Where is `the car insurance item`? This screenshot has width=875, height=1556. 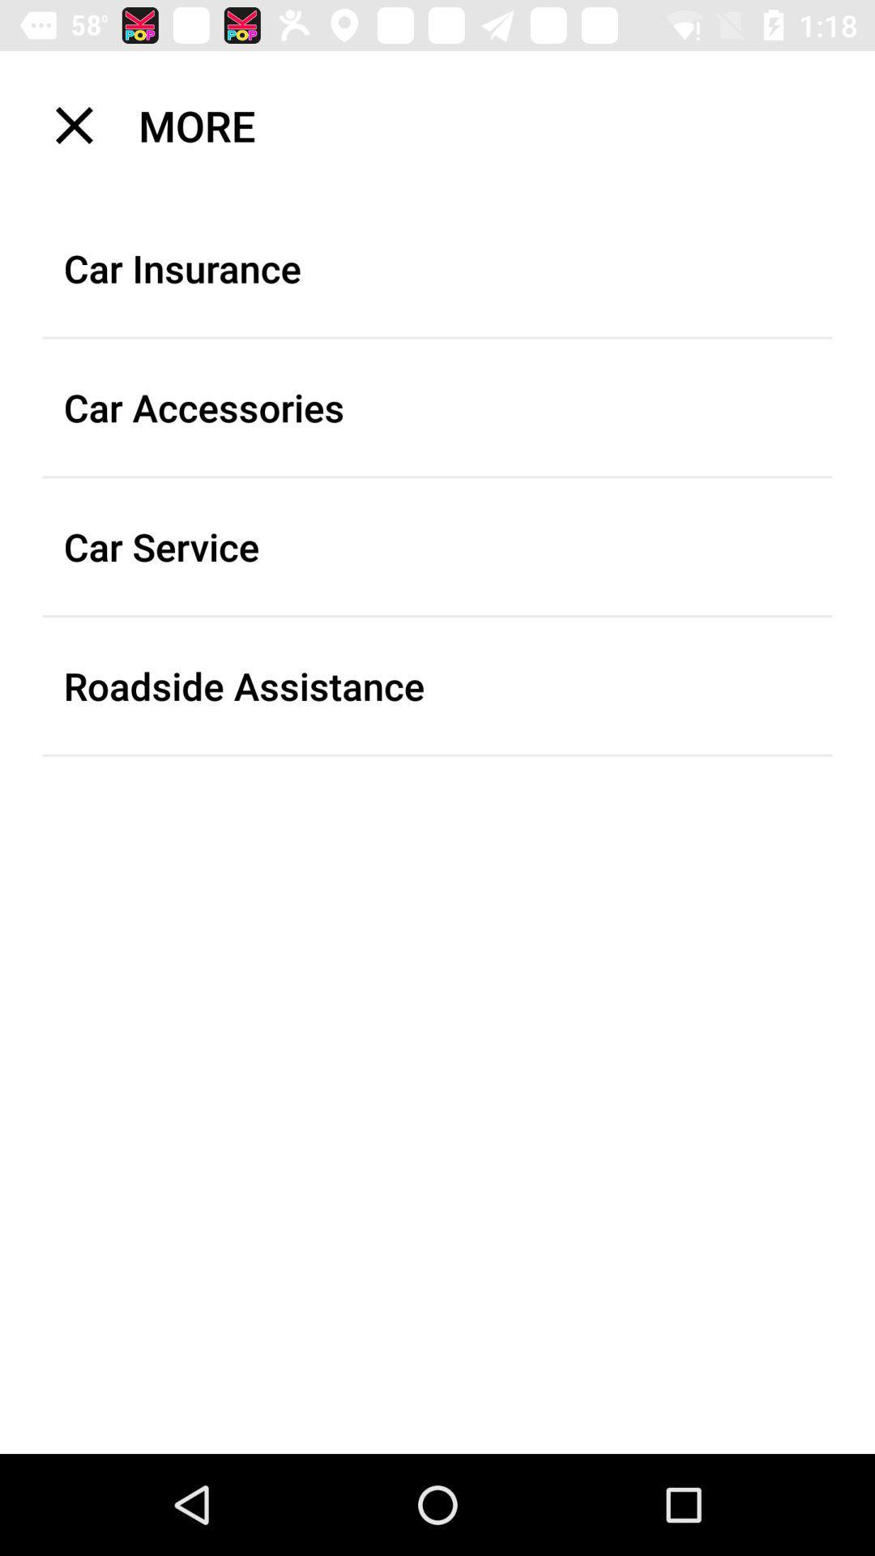 the car insurance item is located at coordinates (437, 268).